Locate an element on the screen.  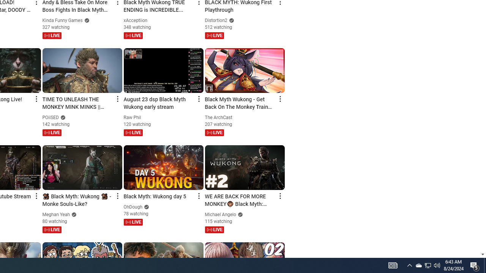
'Distortion2' is located at coordinates (216, 20).